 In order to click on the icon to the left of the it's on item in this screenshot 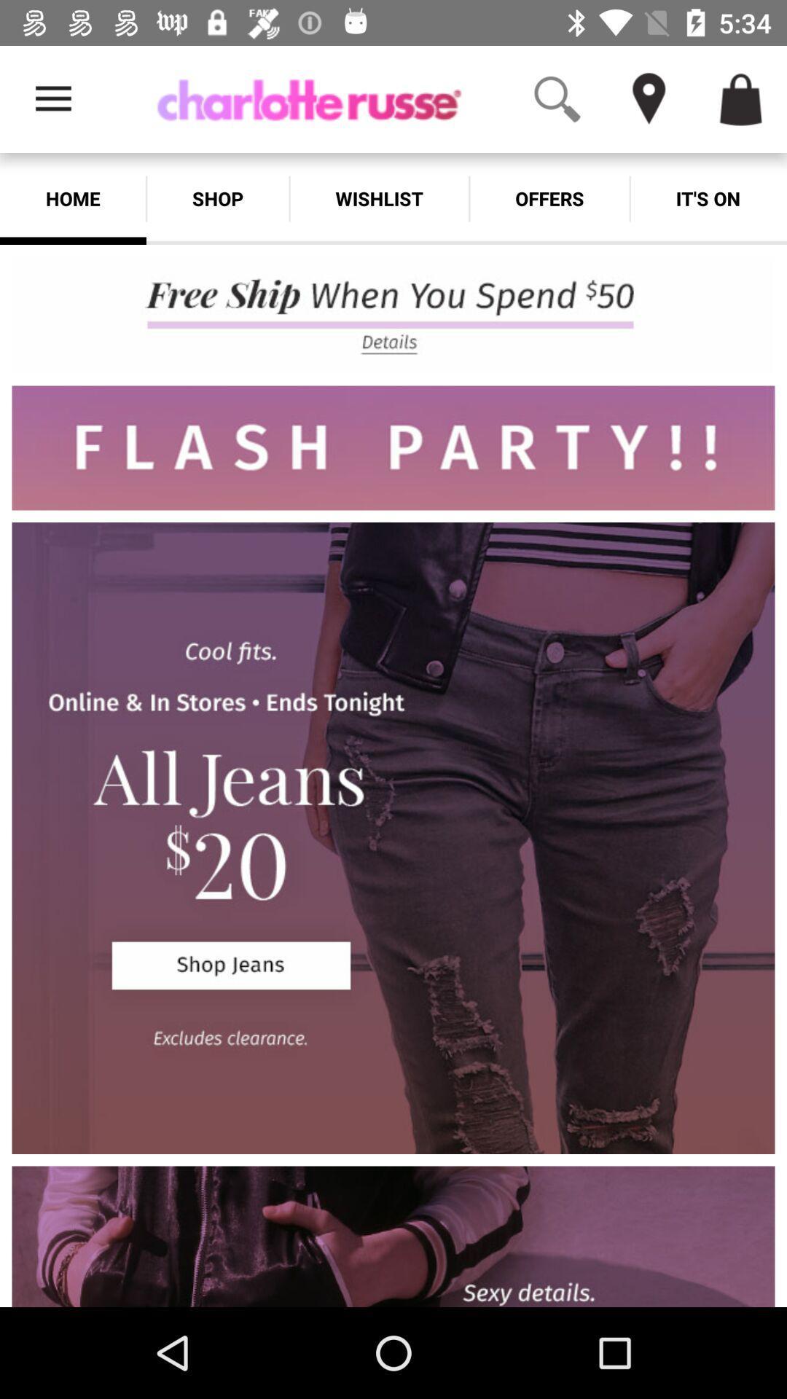, I will do `click(549, 198)`.